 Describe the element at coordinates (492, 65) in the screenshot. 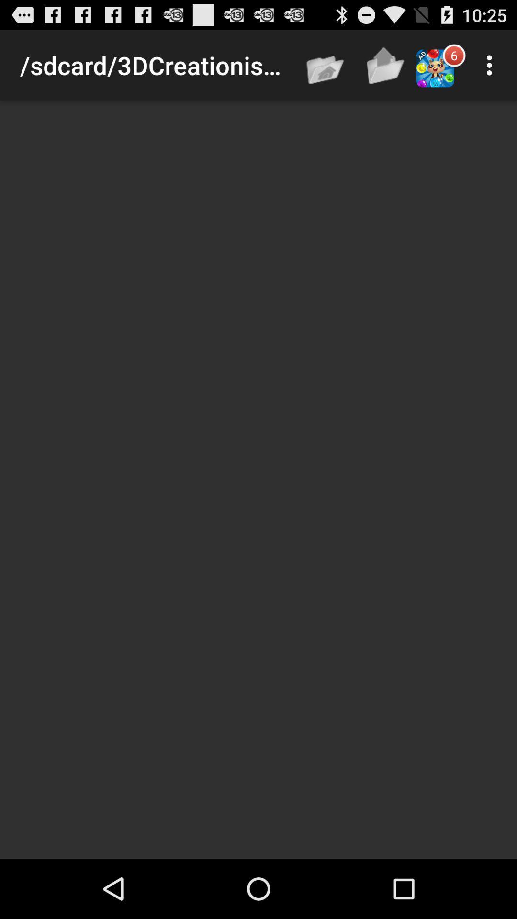

I see `icon next to 6` at that location.